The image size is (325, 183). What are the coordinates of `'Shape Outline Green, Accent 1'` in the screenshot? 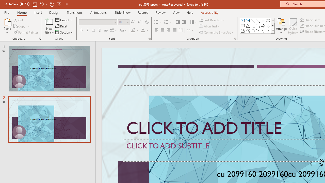 It's located at (302, 26).